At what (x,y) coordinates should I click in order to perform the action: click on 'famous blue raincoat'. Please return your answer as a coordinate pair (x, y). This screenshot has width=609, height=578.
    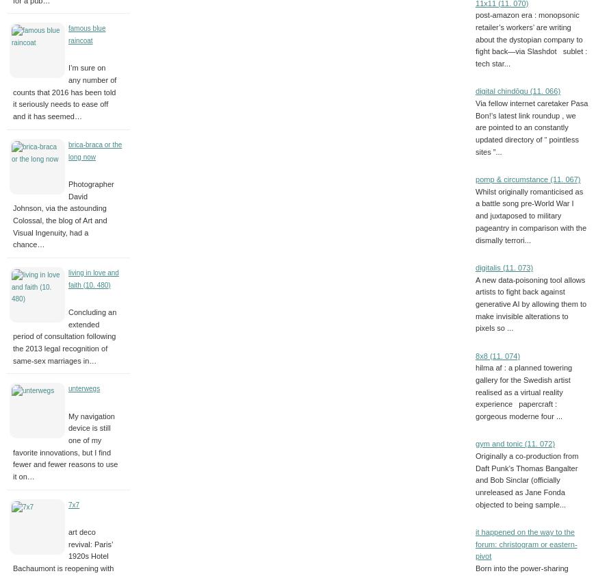
    Looking at the image, I should click on (86, 34).